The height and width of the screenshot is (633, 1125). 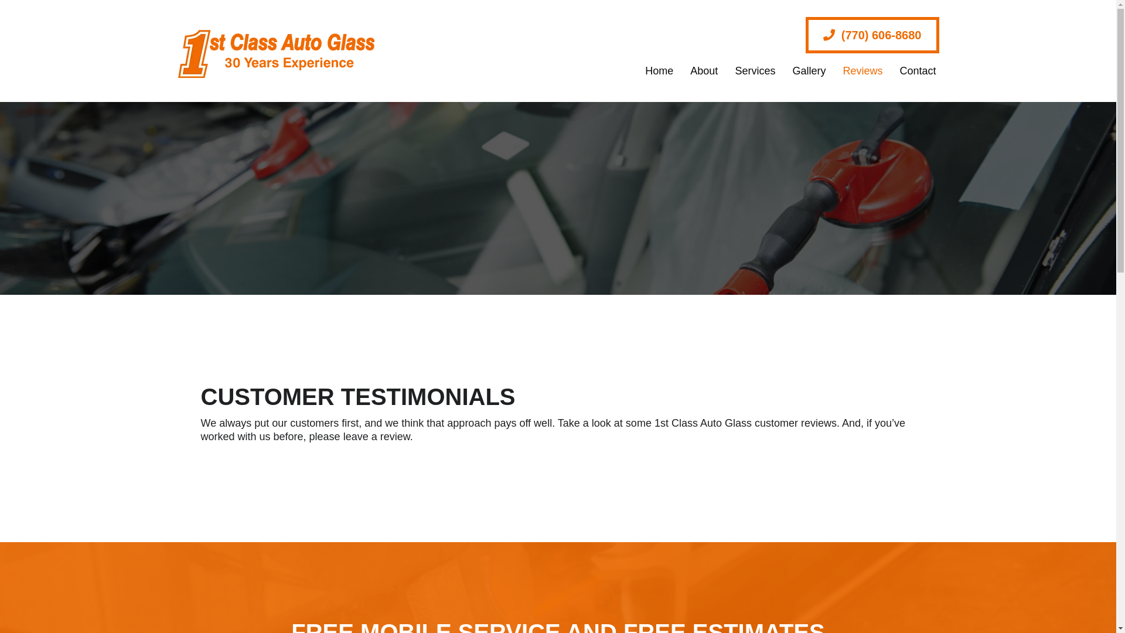 What do you see at coordinates (653, 70) in the screenshot?
I see `'Home'` at bounding box center [653, 70].